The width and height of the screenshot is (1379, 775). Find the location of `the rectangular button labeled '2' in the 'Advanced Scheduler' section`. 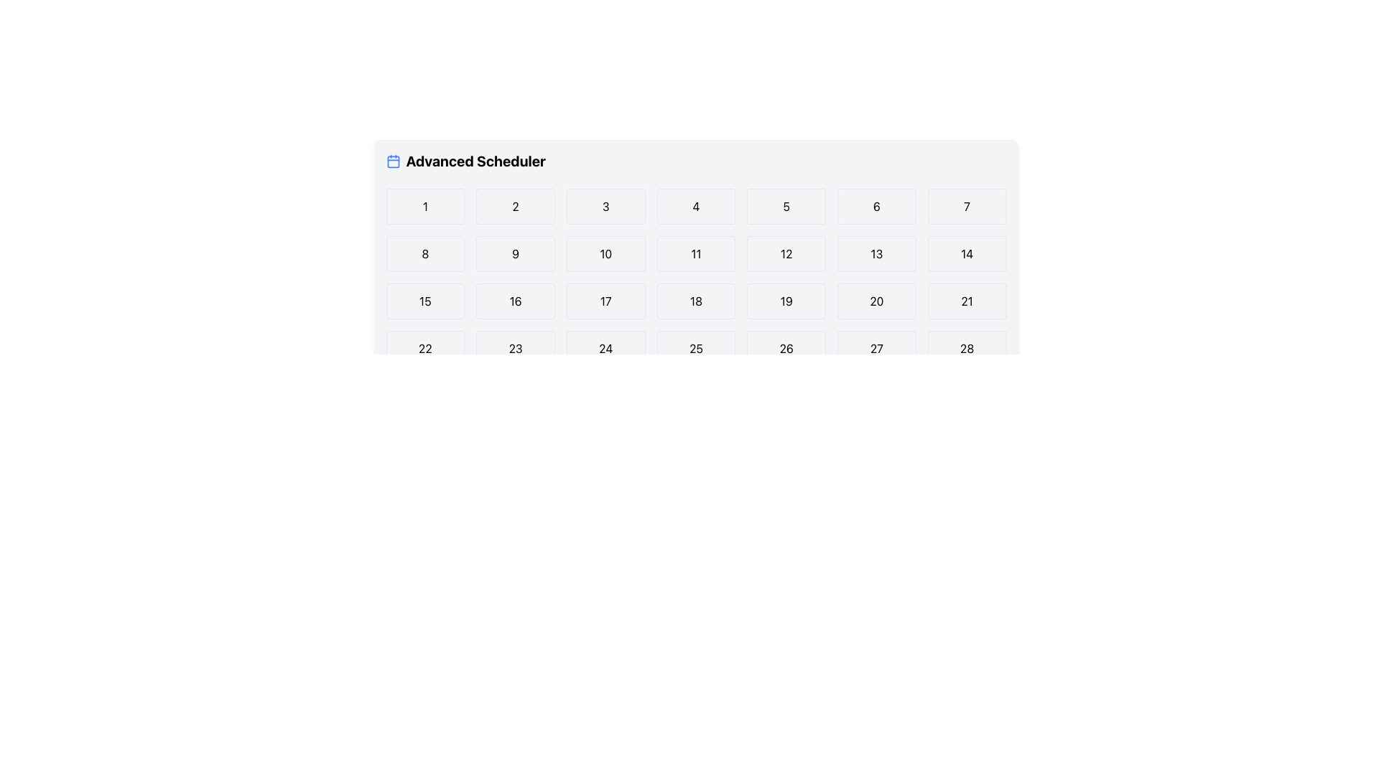

the rectangular button labeled '2' in the 'Advanced Scheduler' section is located at coordinates (516, 207).